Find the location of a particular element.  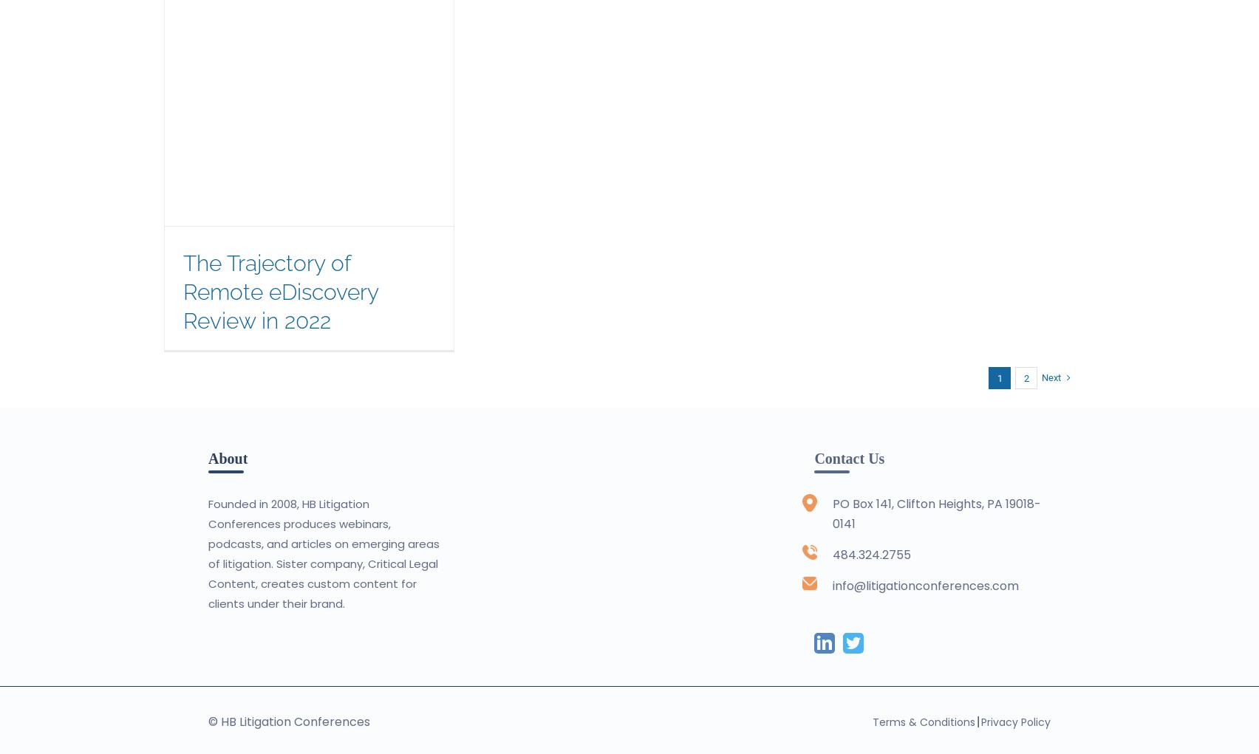

'Privacy Policy' is located at coordinates (980, 720).